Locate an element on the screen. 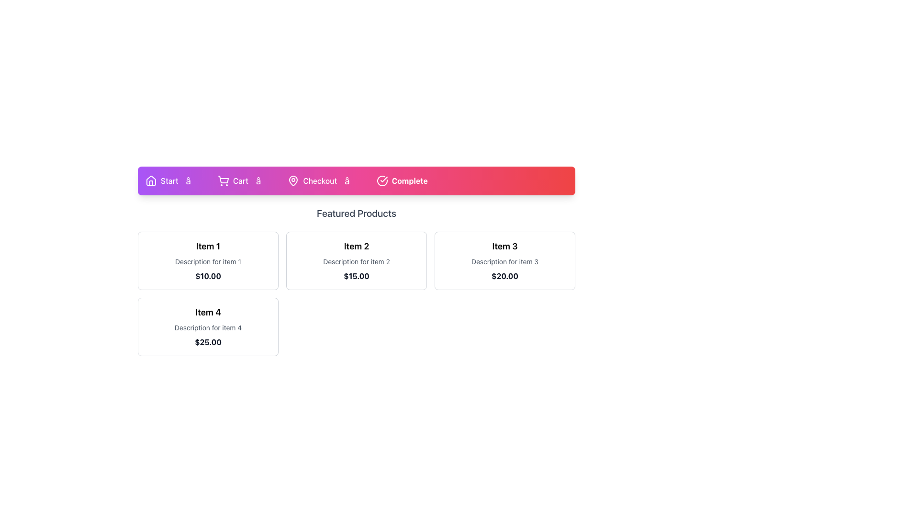  the 'Start' text label, which is displayed in white on a purple background and is positioned on the navigation bar to the right of a house icon is located at coordinates (169, 181).